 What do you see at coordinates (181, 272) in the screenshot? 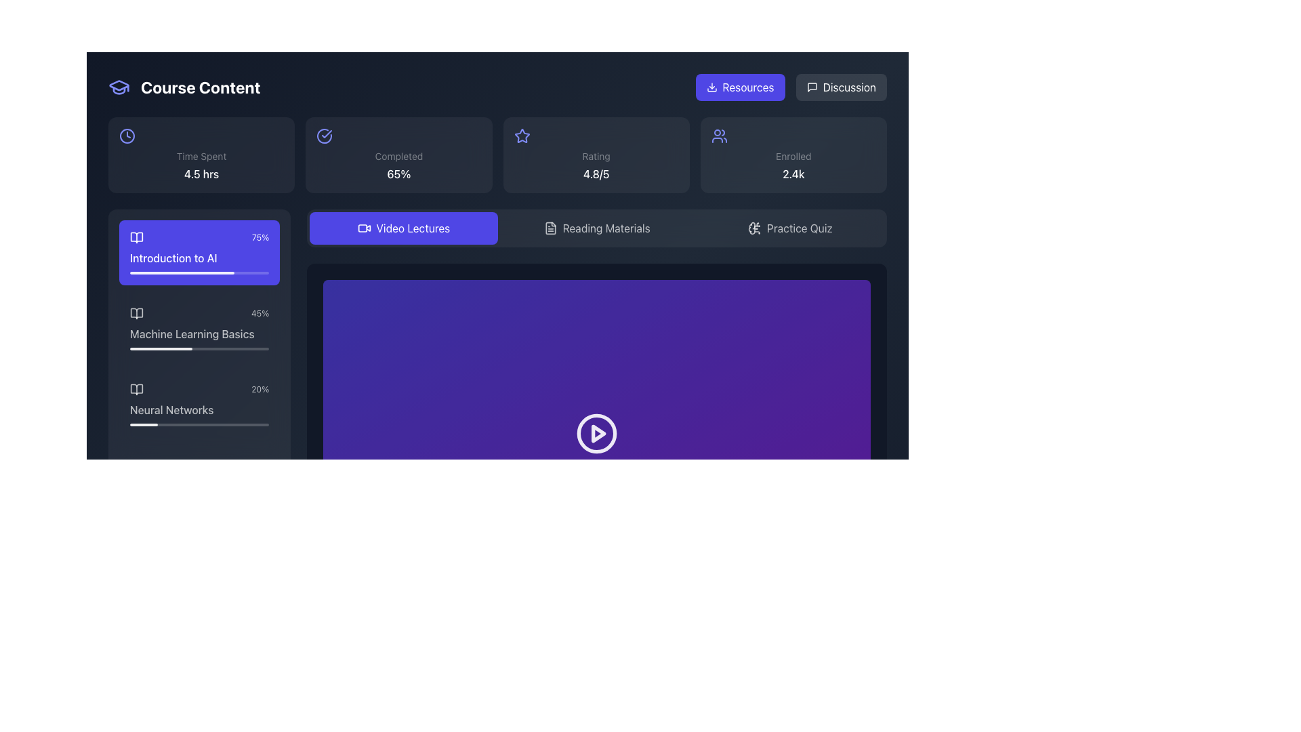
I see `the filled horizontal progress bar segment indicating 75% completion of the task labeled 'Introduction to AI' located in the 'Course Content' layout` at bounding box center [181, 272].